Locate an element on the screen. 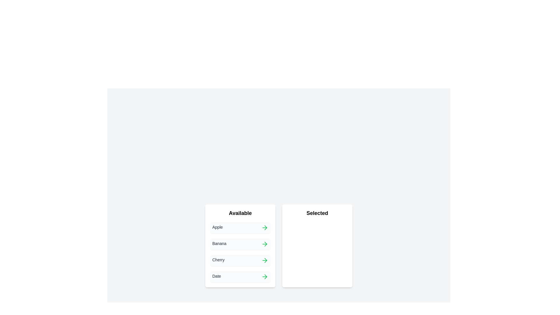 The image size is (560, 315). the green arrow button next to the item 'Cherry' in the 'Available' list to transfer it to the 'Selected' list is located at coordinates (264, 260).